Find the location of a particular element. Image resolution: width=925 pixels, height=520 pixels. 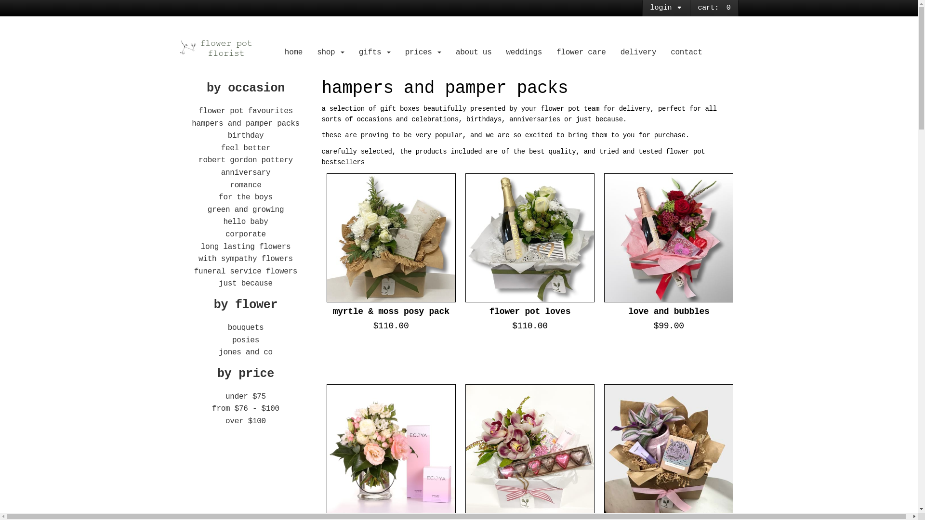

'romance' is located at coordinates (229, 185).